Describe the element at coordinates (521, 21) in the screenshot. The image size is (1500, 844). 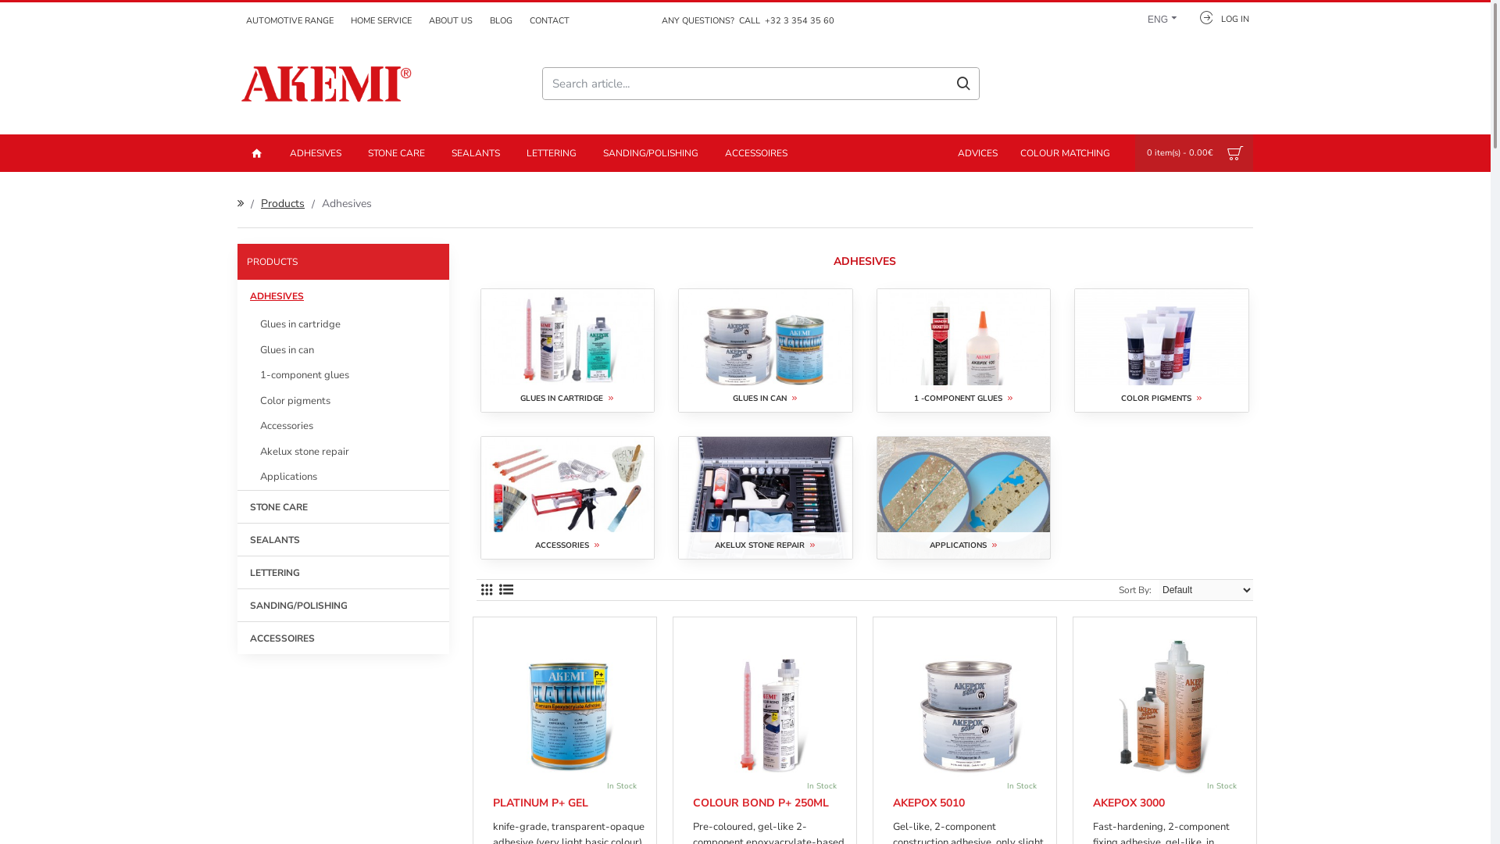
I see `'CONTACT'` at that location.